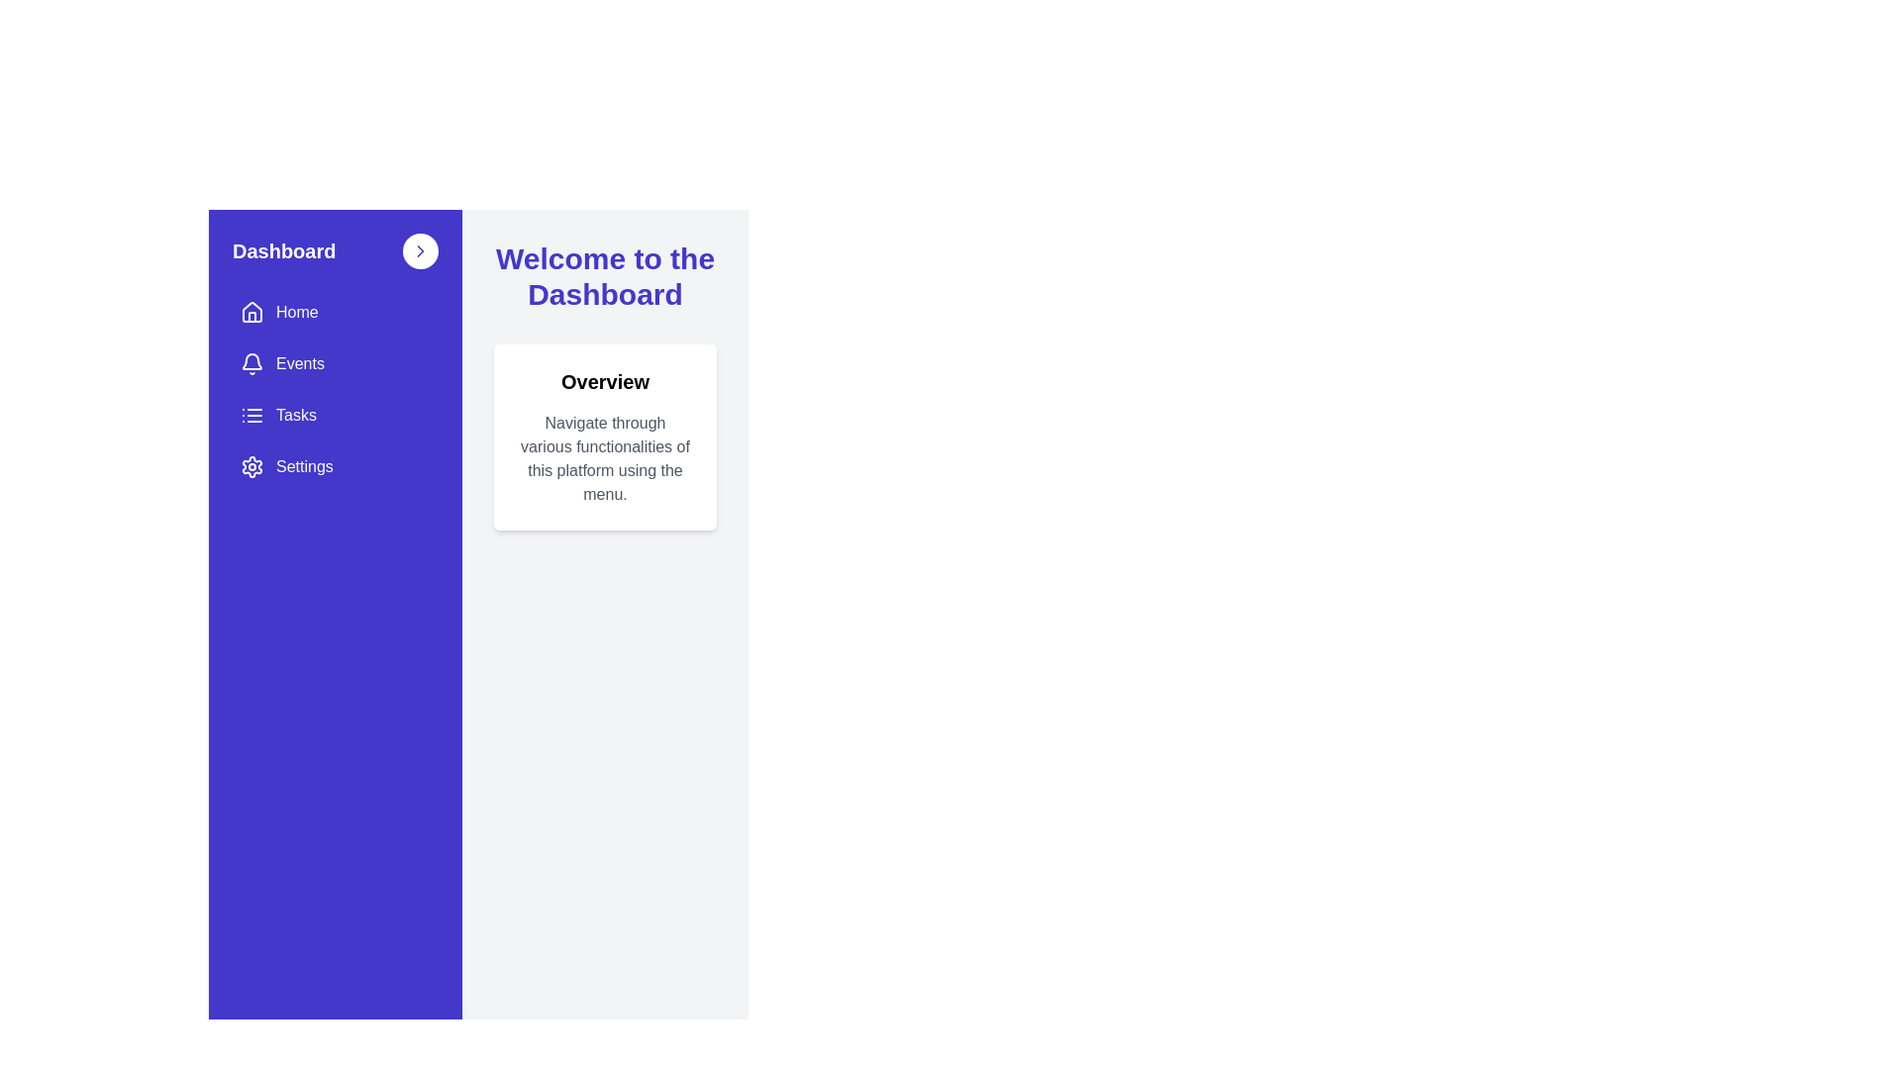  I want to click on the static text element that serves as a welcoming message at the top of the dashboard interface, positioned centrally above the 'Overview' card, so click(604, 277).